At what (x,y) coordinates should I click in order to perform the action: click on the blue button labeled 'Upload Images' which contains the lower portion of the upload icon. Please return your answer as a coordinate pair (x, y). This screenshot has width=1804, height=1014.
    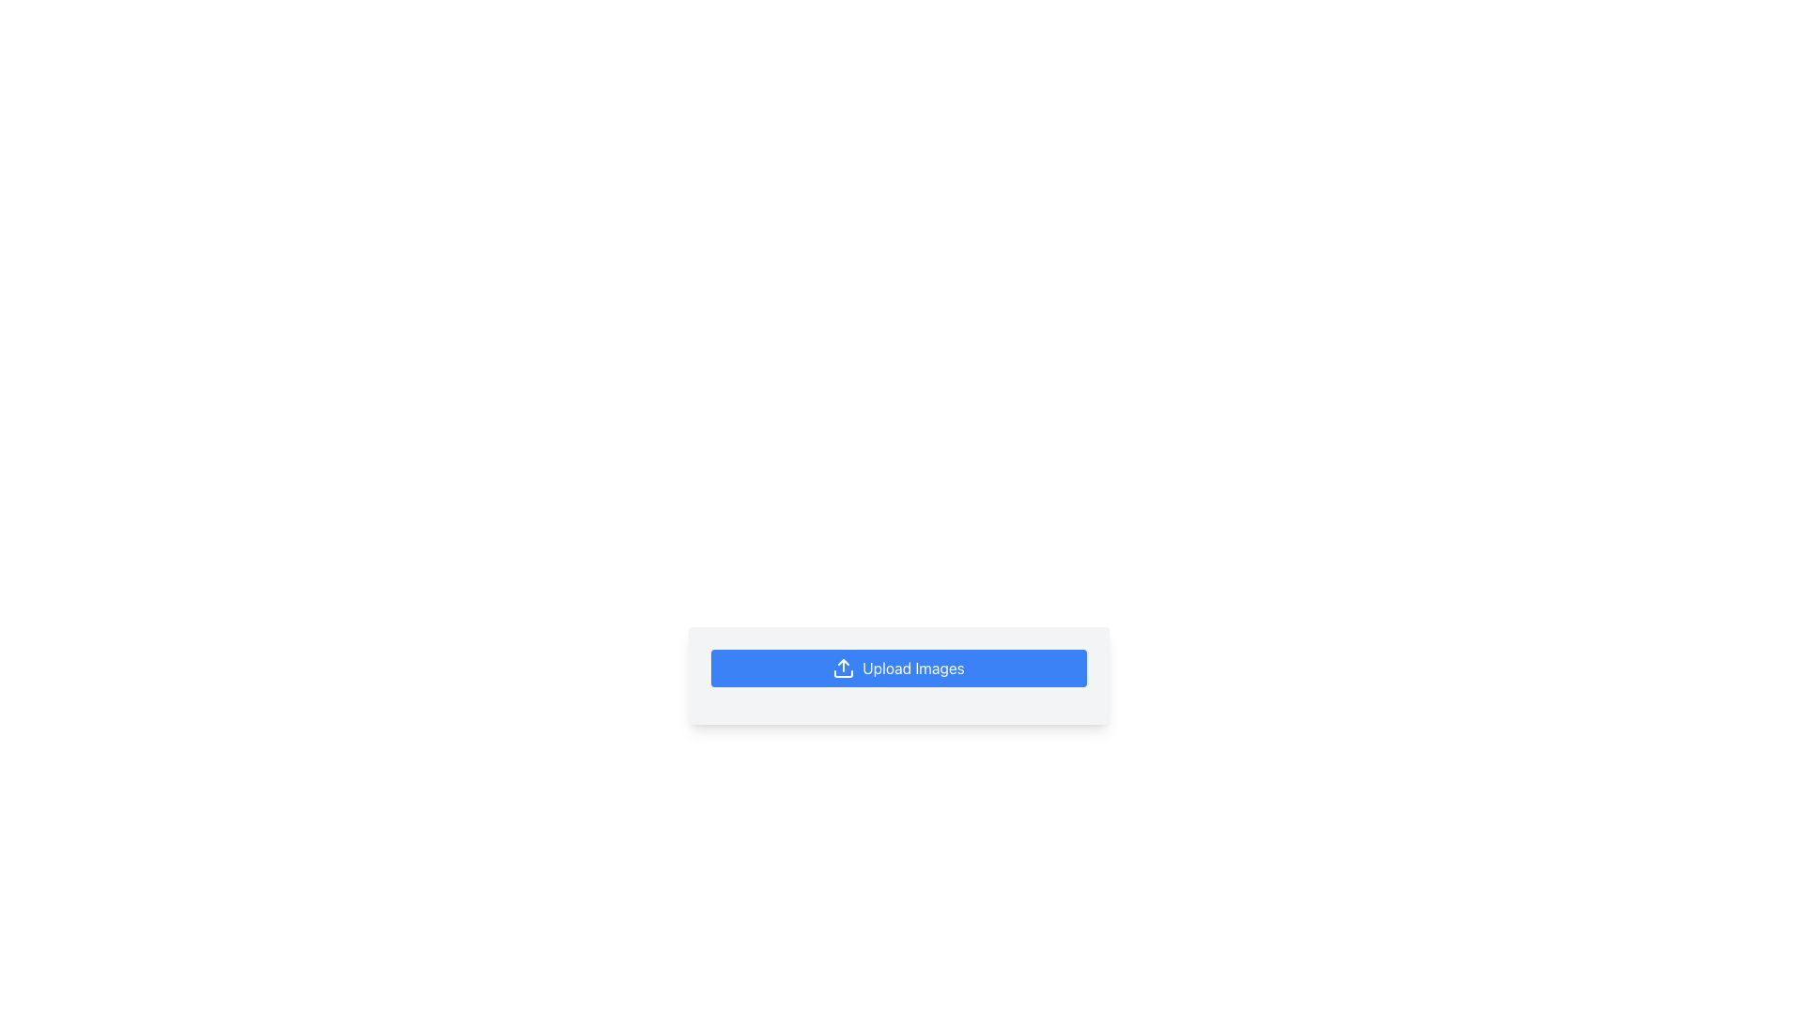
    Looking at the image, I should click on (842, 672).